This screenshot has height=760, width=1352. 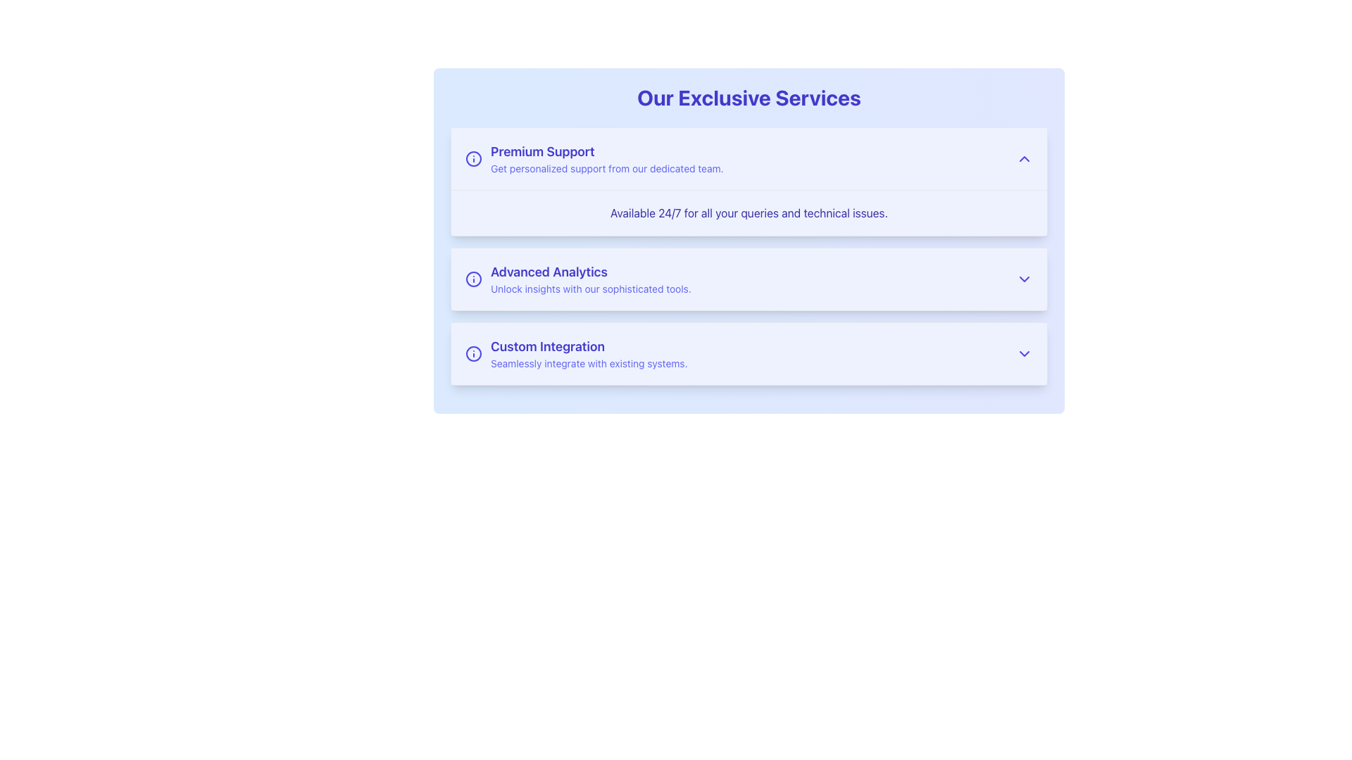 What do you see at coordinates (591, 289) in the screenshot?
I see `the text snippet displaying 'Unlock insights with our sophisticated tools.' which is located below the heading 'Advanced Analytics'` at bounding box center [591, 289].